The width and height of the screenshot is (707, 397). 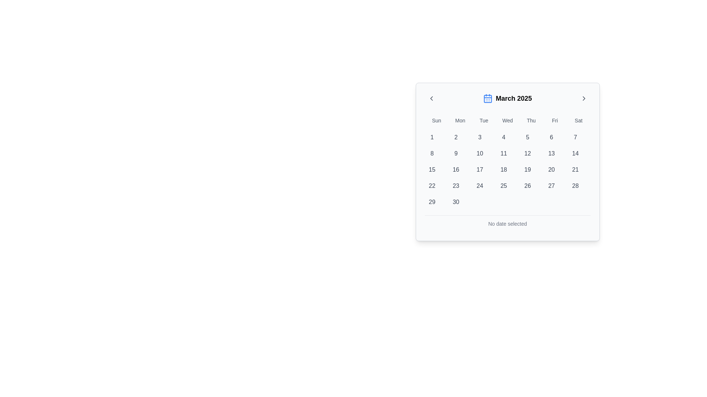 What do you see at coordinates (455, 170) in the screenshot?
I see `the rounded button labeled '16' located in the third row and second column of the grid calendar layout` at bounding box center [455, 170].